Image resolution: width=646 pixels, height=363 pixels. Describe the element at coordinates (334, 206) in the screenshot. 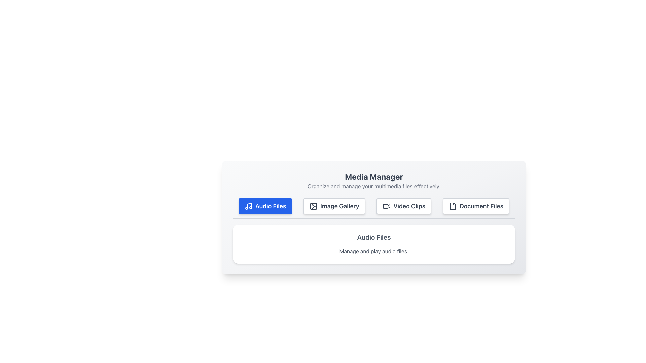

I see `the second button in a horizontal row of four buttons, which directs users to the image gallery section, to trigger a hover animation` at that location.